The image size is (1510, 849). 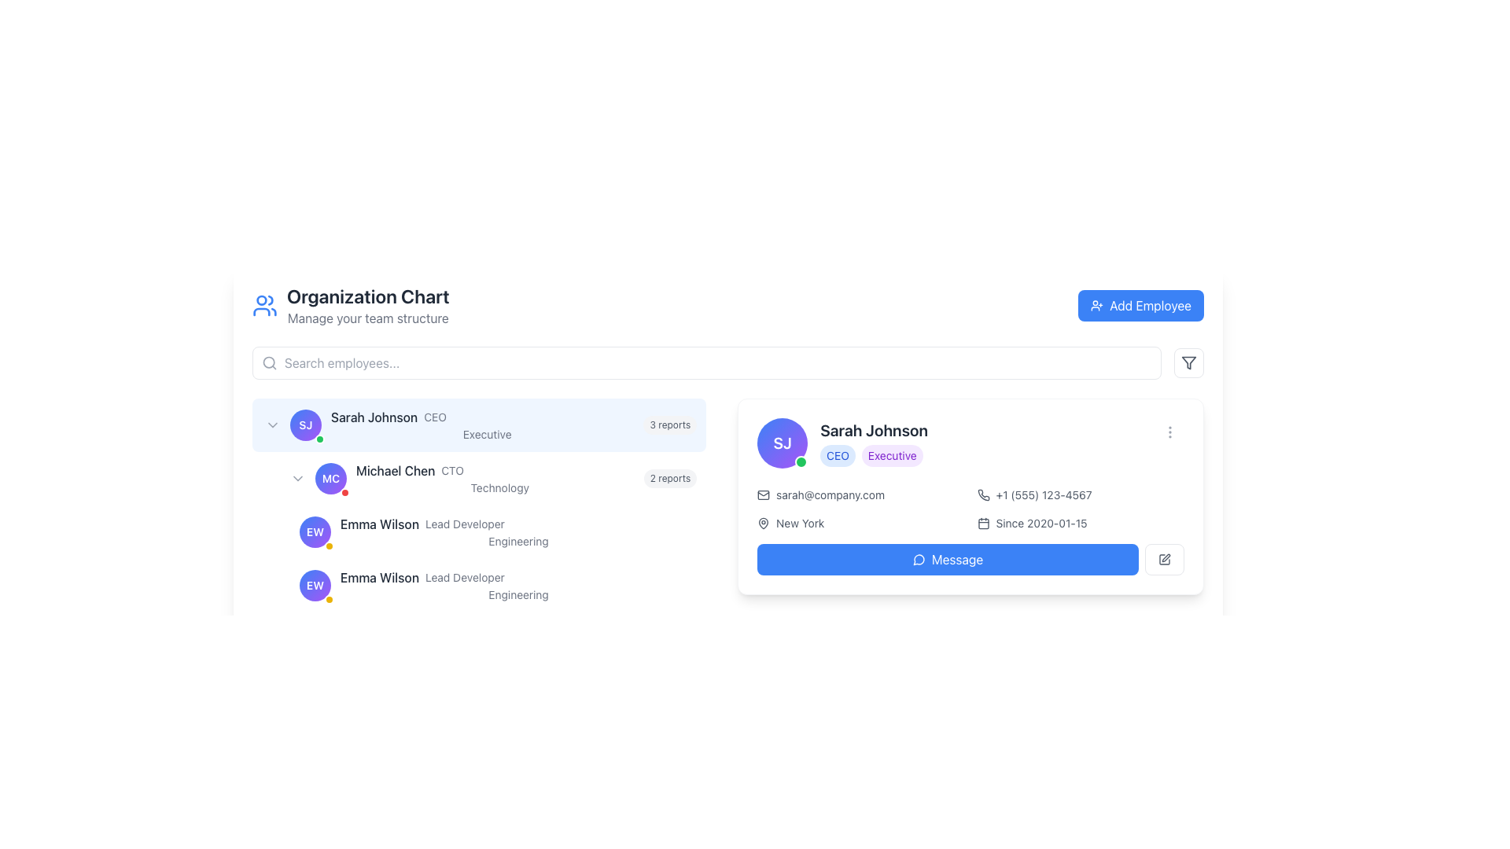 What do you see at coordinates (499, 487) in the screenshot?
I see `the text label that provides additional context for 'Michael Chen', positioned below the title 'Michael Chen CTO'` at bounding box center [499, 487].